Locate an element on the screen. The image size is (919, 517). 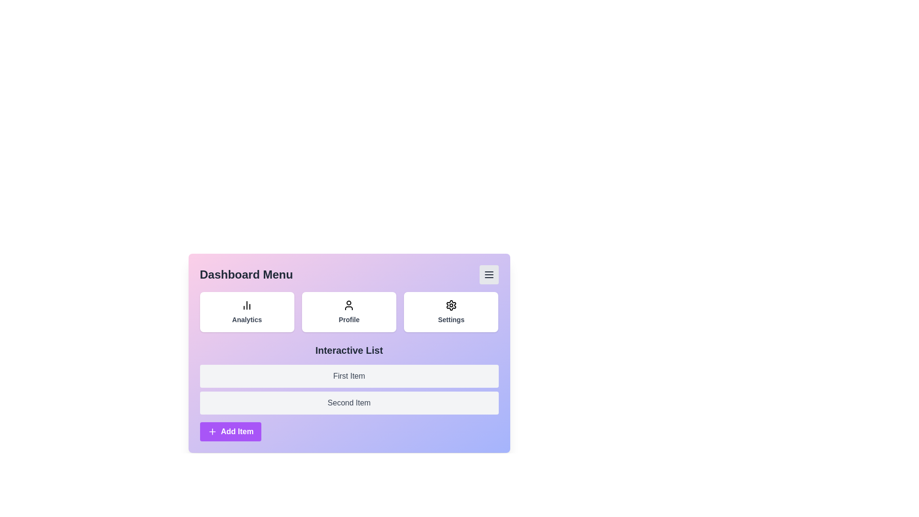
the Profile button is located at coordinates (348, 312).